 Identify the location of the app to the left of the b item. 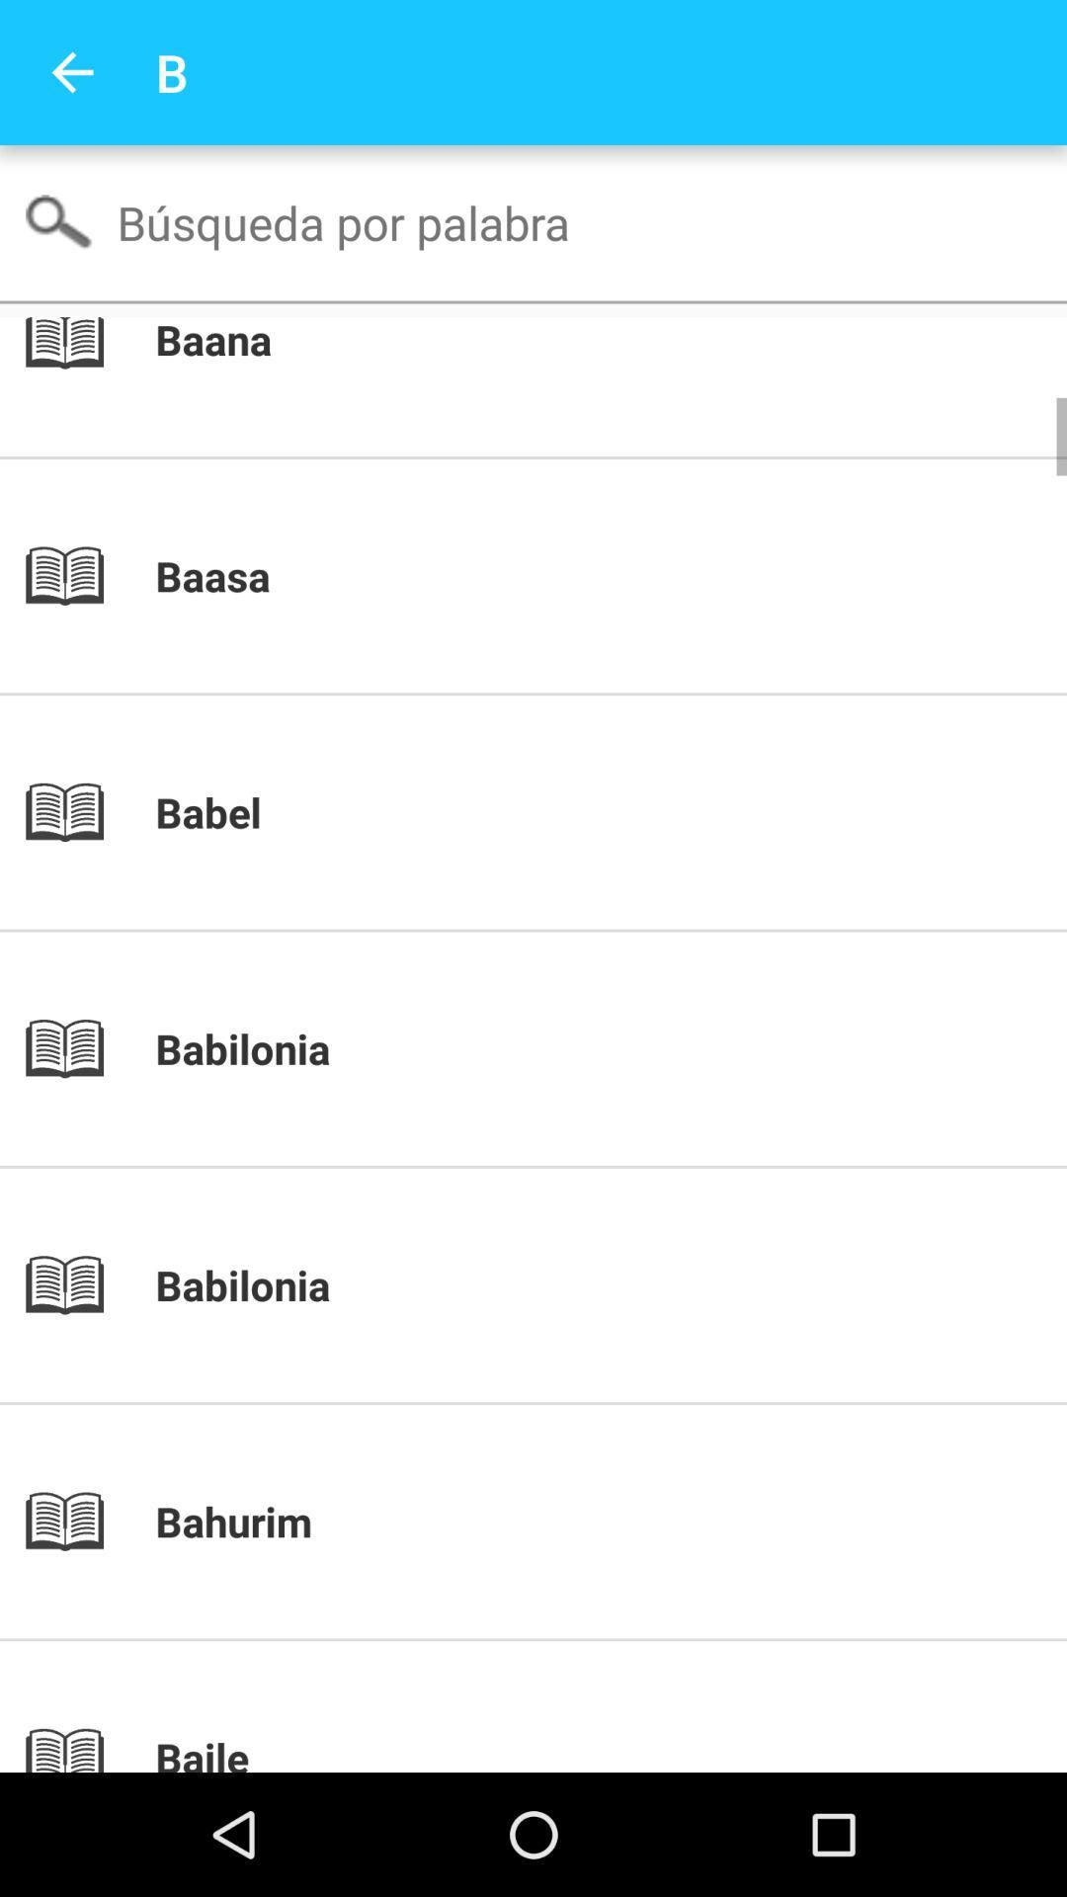
(71, 72).